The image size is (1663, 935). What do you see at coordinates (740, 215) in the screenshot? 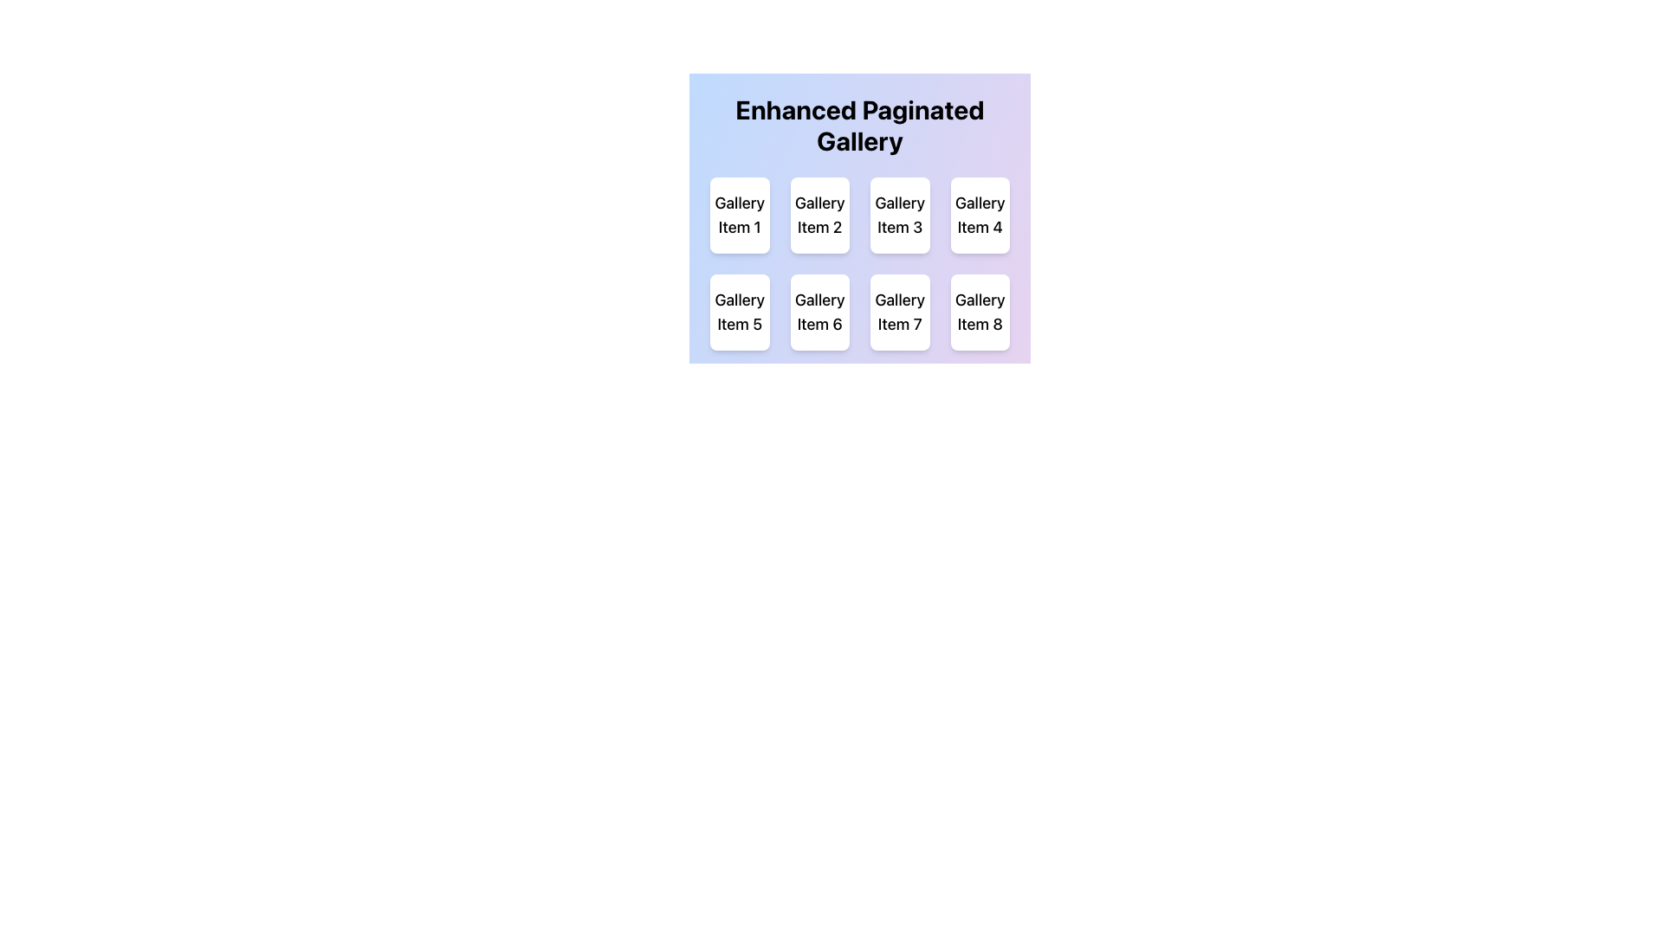
I see `text label that serves as the title for the first tile in the gallery grid, providing descriptive context about the item it represents` at bounding box center [740, 215].